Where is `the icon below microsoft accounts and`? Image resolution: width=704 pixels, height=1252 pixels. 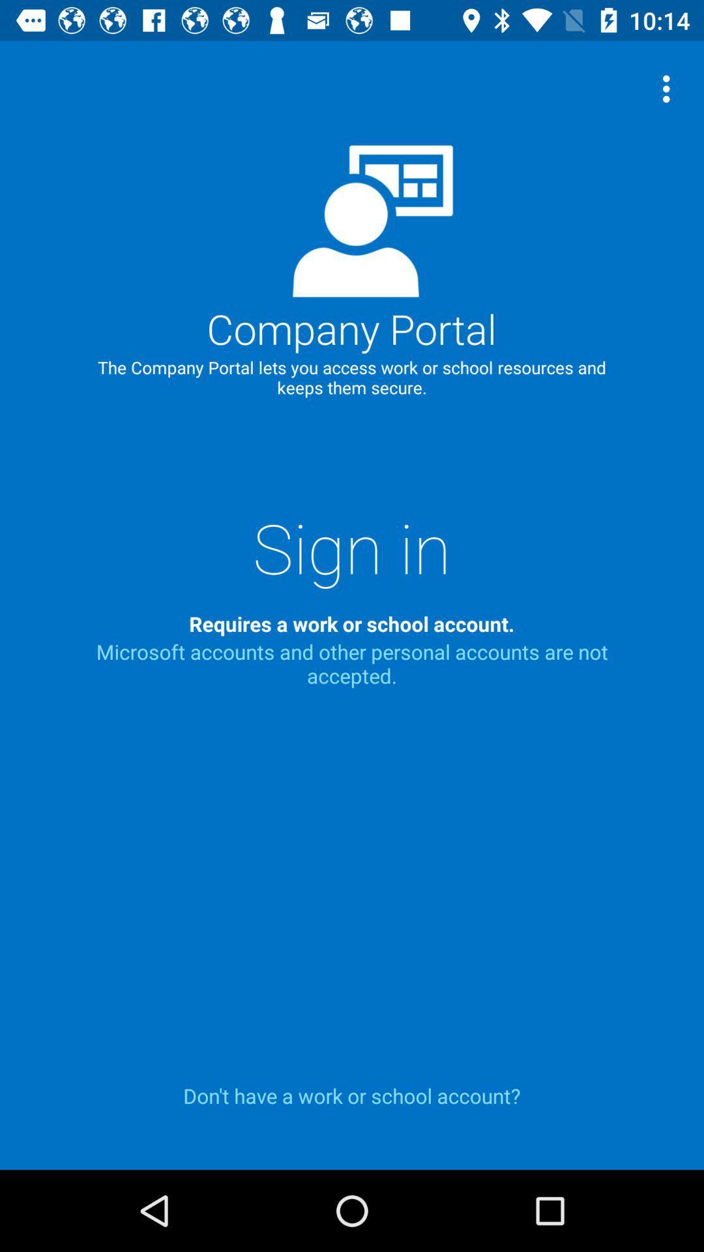
the icon below microsoft accounts and is located at coordinates (352, 1095).